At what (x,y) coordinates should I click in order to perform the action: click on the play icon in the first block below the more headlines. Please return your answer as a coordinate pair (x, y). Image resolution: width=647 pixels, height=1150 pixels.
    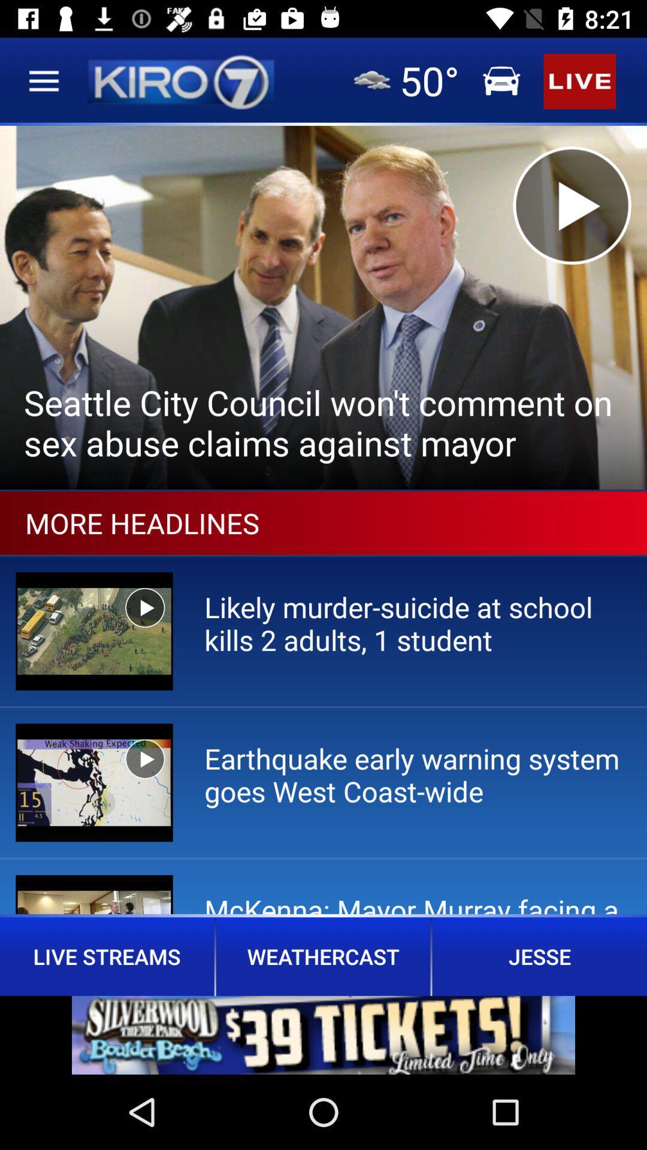
    Looking at the image, I should click on (144, 607).